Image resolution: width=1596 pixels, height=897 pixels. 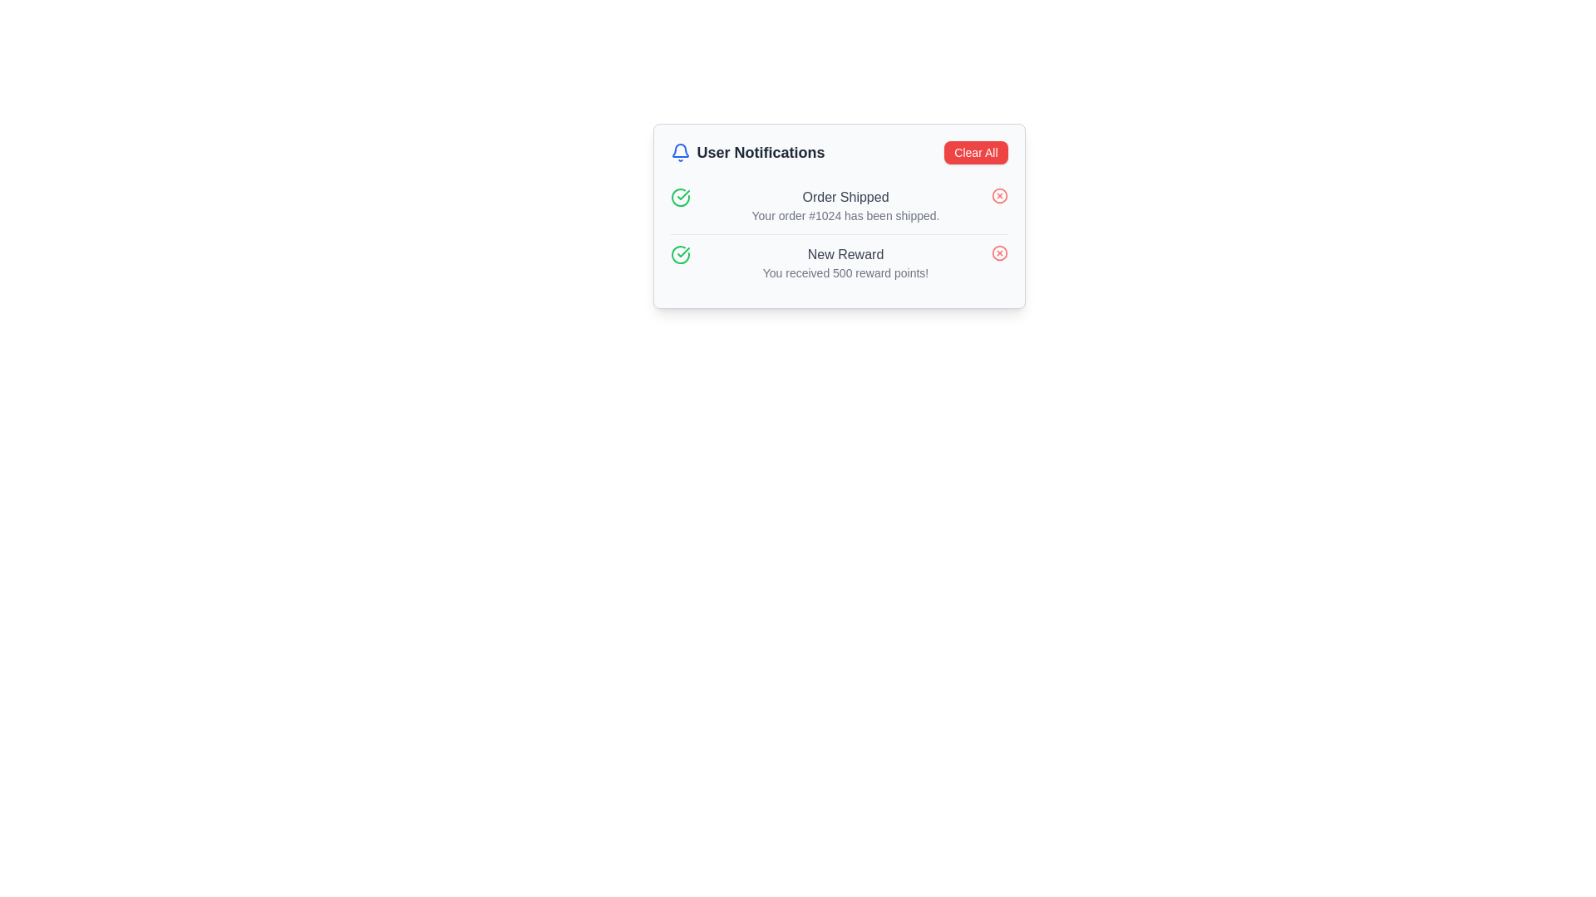 What do you see at coordinates (680, 153) in the screenshot?
I see `the notification icon positioned to the left of the text 'User Notifications' in the notification panel` at bounding box center [680, 153].